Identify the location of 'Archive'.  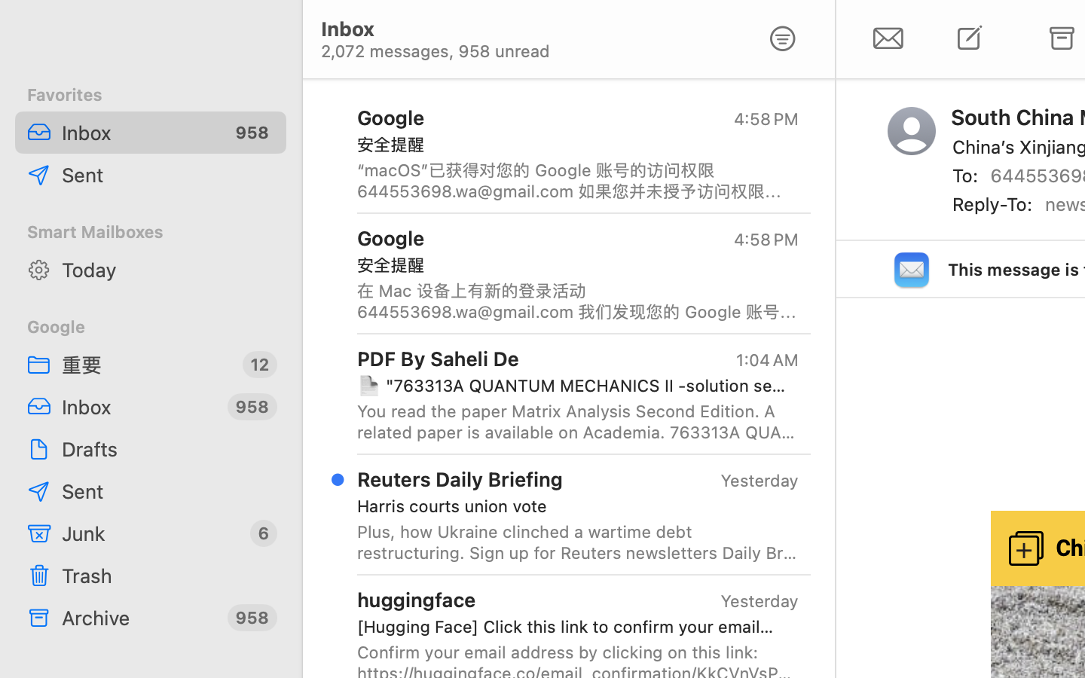
(139, 617).